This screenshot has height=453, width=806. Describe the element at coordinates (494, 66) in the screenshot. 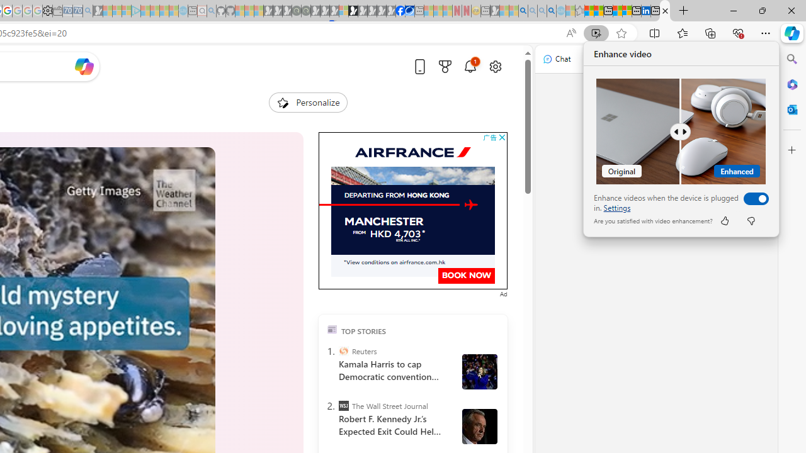

I see `'Open settings'` at that location.